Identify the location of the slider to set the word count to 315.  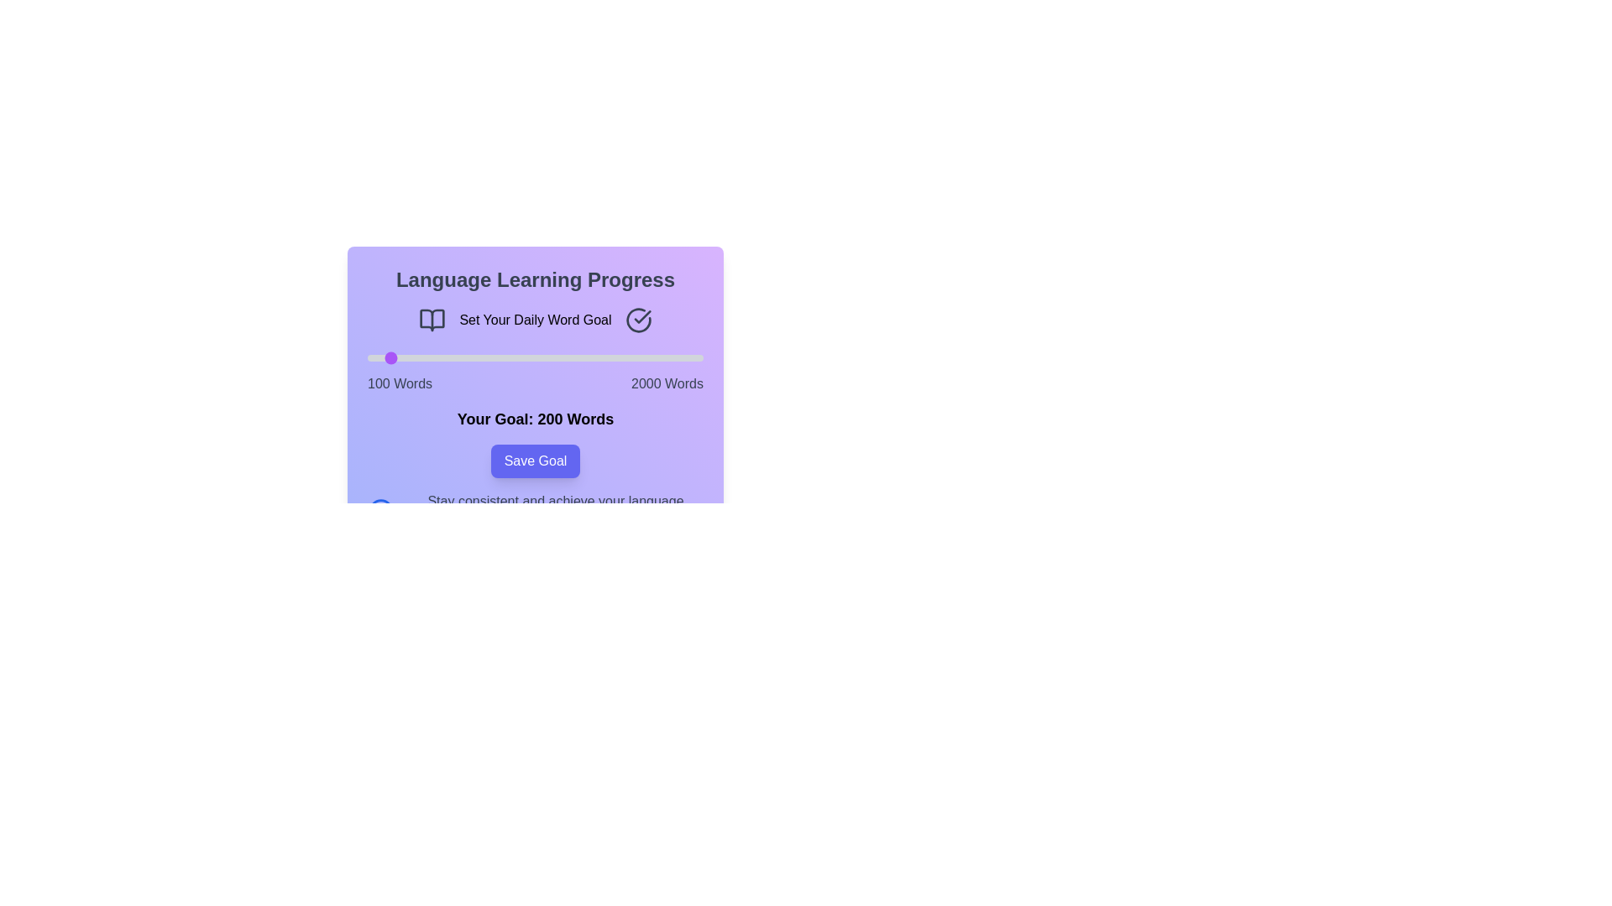
(406, 357).